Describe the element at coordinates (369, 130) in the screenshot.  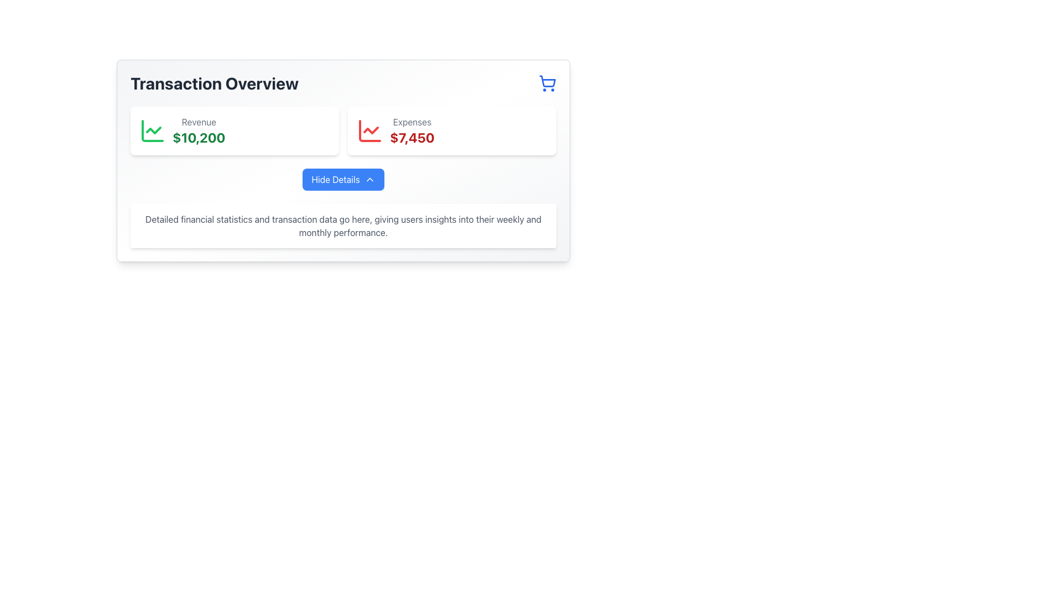
I see `the part of the icon that is located within the red-colored symbol resembling a line chart, which is used to indicate financial 'Expenses' in the 'Transaction Overview' card` at that location.